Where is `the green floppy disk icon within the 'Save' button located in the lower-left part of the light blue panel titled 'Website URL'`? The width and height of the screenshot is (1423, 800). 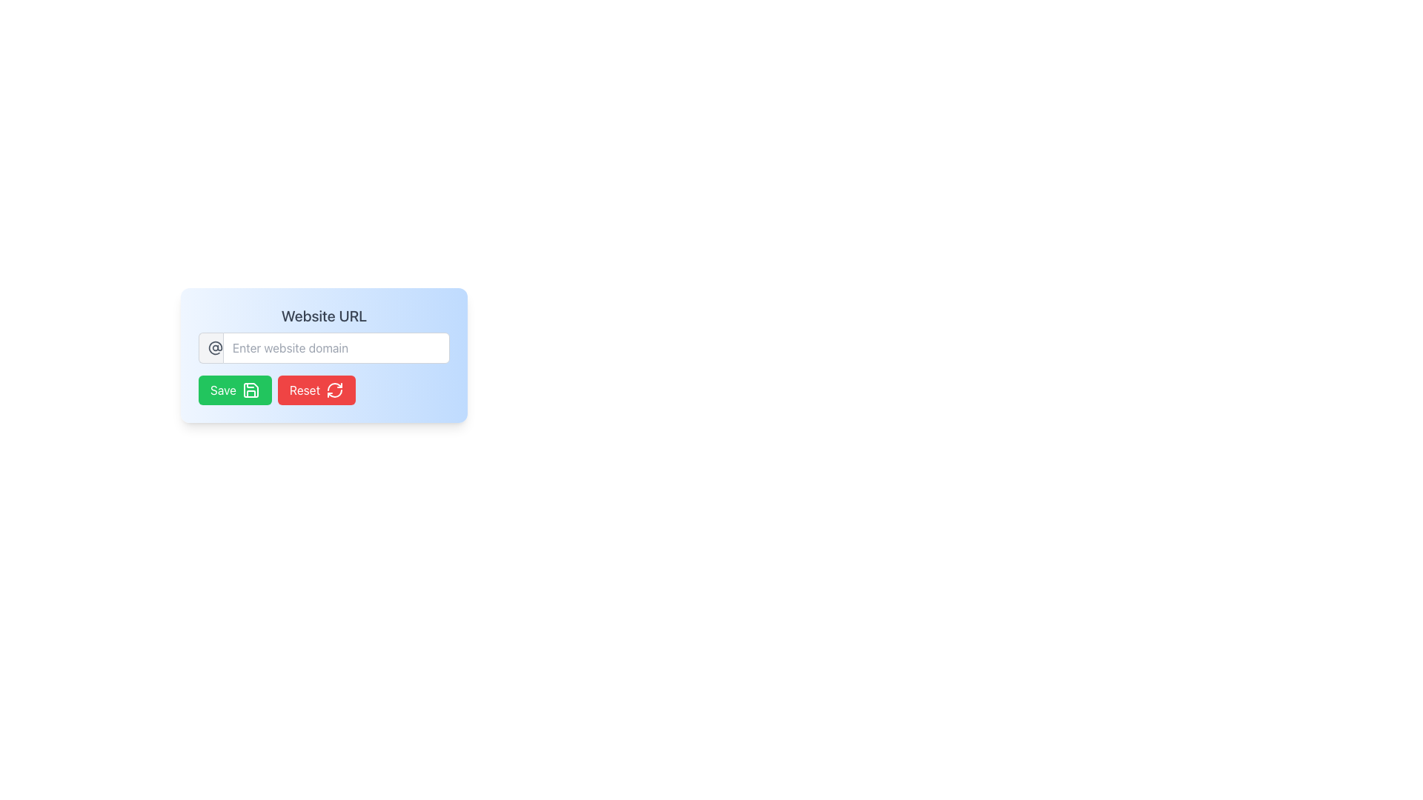 the green floppy disk icon within the 'Save' button located in the lower-left part of the light blue panel titled 'Website URL' is located at coordinates (251, 390).